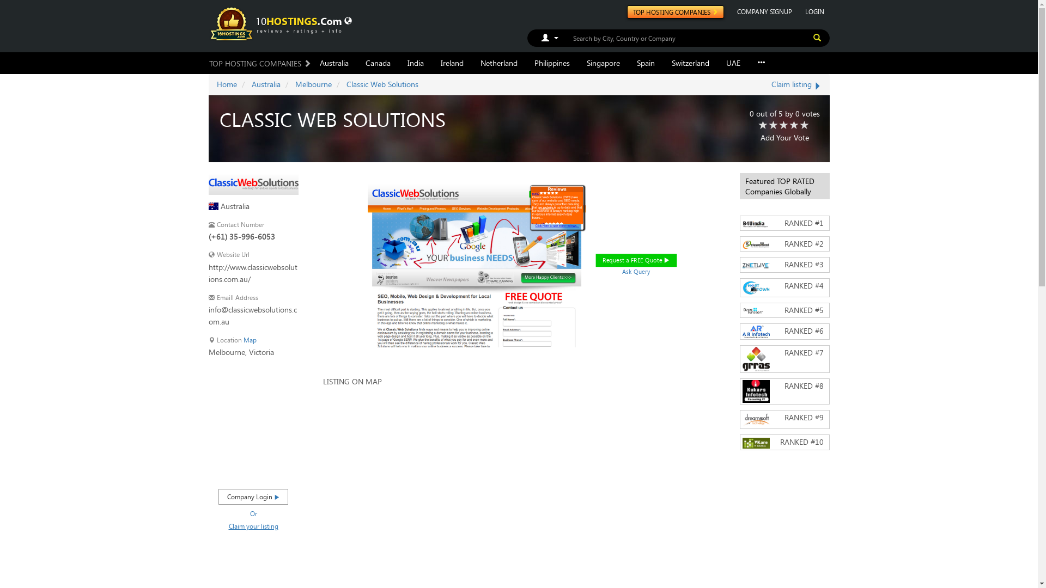 Image resolution: width=1046 pixels, height=588 pixels. I want to click on 'COMPANY SIGNUP', so click(763, 11).